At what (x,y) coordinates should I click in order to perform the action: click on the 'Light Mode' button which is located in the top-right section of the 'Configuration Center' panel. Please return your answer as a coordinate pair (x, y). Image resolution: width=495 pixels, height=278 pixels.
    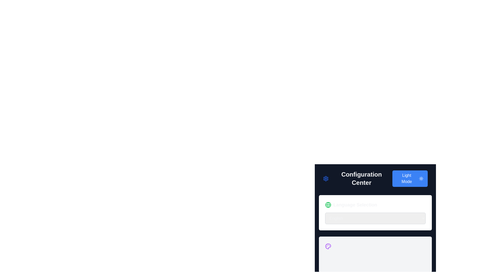
    Looking at the image, I should click on (421, 178).